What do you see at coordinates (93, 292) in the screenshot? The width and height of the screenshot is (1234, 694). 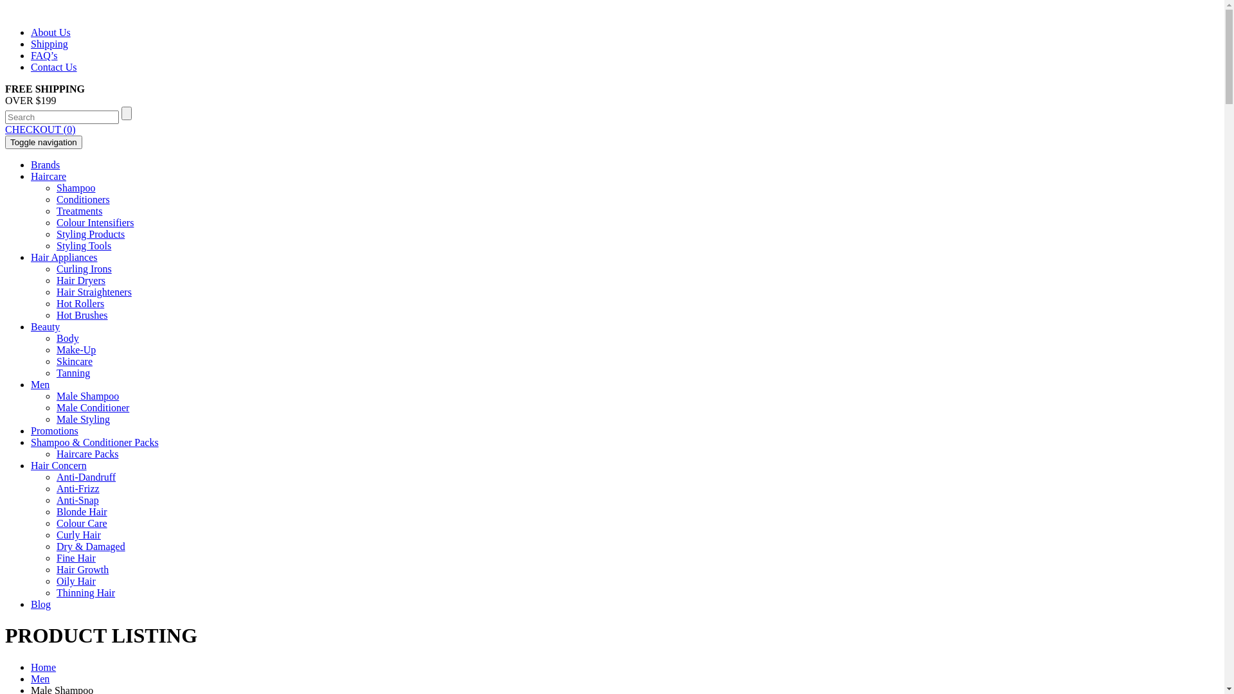 I see `'Hair Straighteners'` at bounding box center [93, 292].